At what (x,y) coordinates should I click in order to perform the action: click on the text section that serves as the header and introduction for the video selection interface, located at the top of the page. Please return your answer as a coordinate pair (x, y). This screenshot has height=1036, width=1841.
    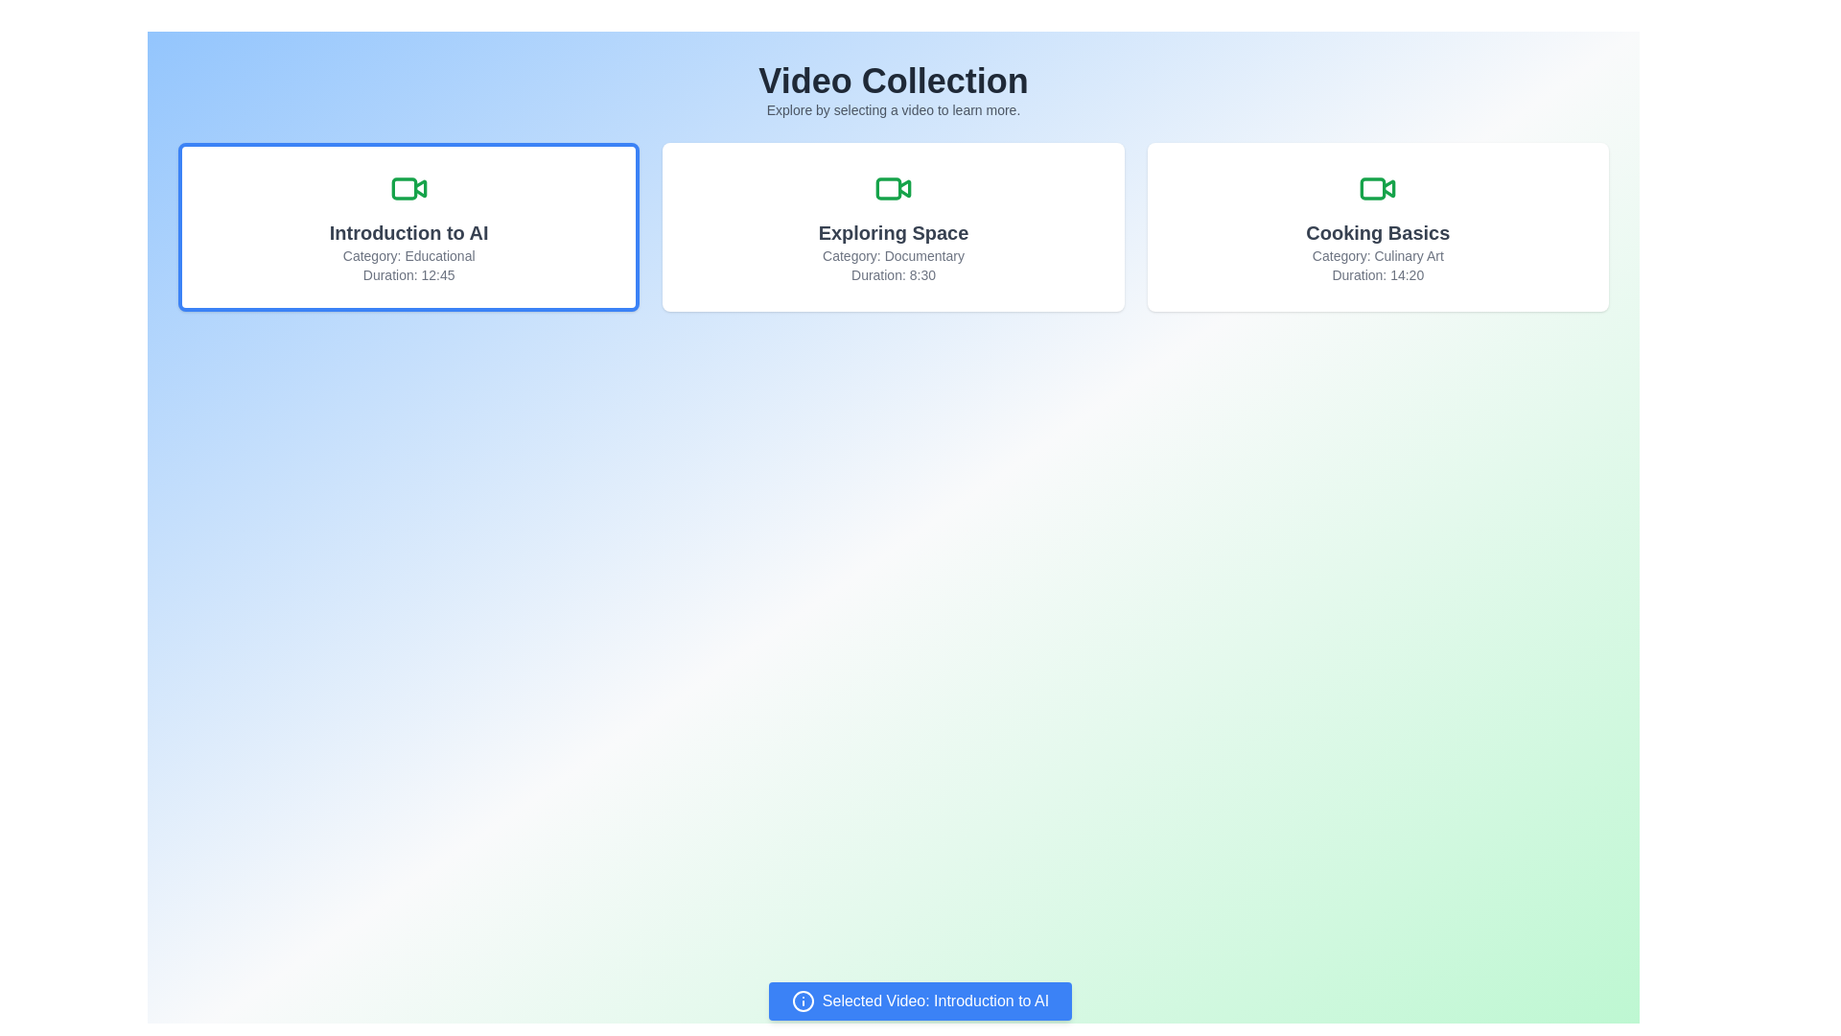
    Looking at the image, I should click on (892, 91).